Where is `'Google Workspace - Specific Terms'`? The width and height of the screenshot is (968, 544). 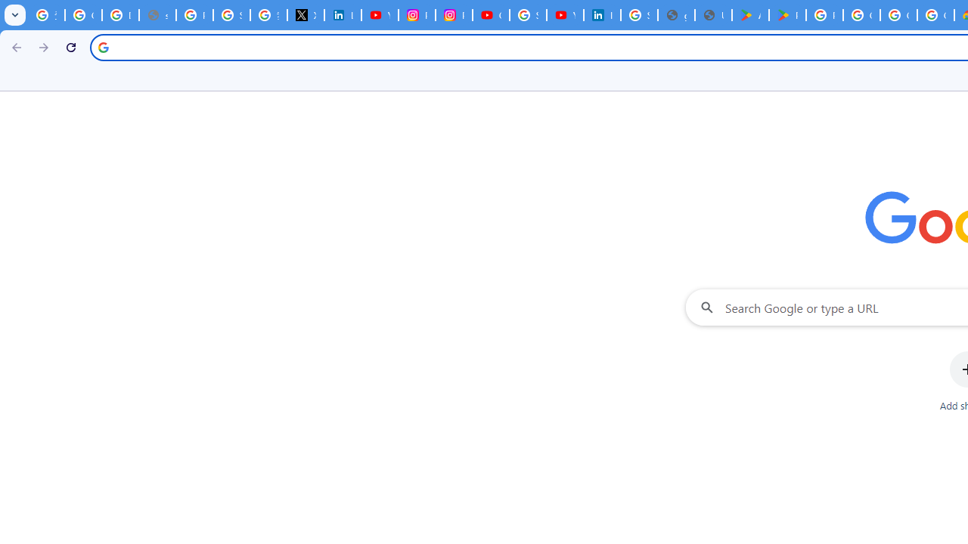 'Google Workspace - Specific Terms' is located at coordinates (935, 15).